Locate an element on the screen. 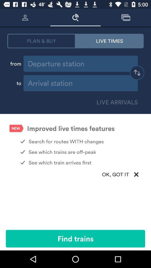  plan & buy icon is located at coordinates (41, 40).